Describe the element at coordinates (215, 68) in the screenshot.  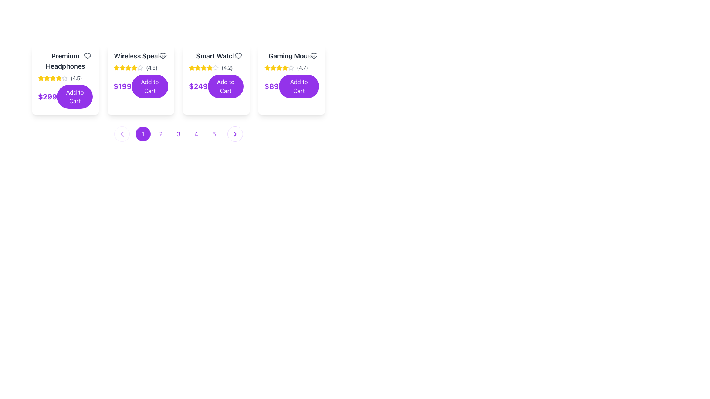
I see `the fifth star icon in the 5-star rating system for the 'Smart Watch' product, which visually indicates a rating of 4.2` at that location.